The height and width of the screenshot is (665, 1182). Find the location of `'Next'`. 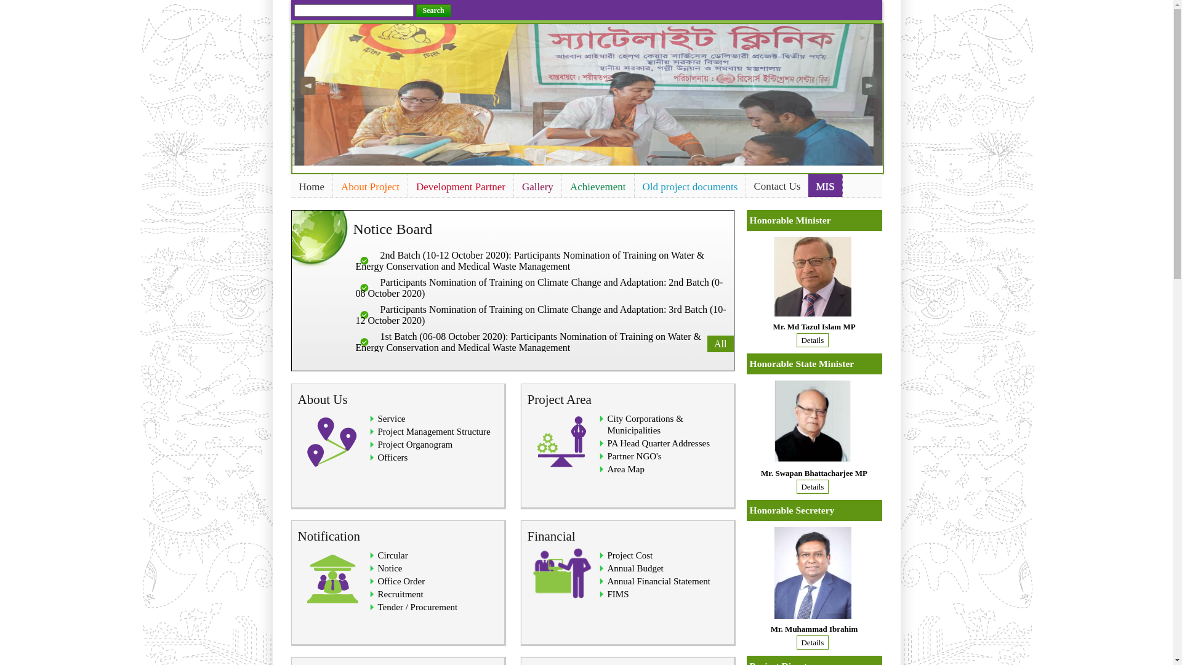

'Next' is located at coordinates (870, 92).